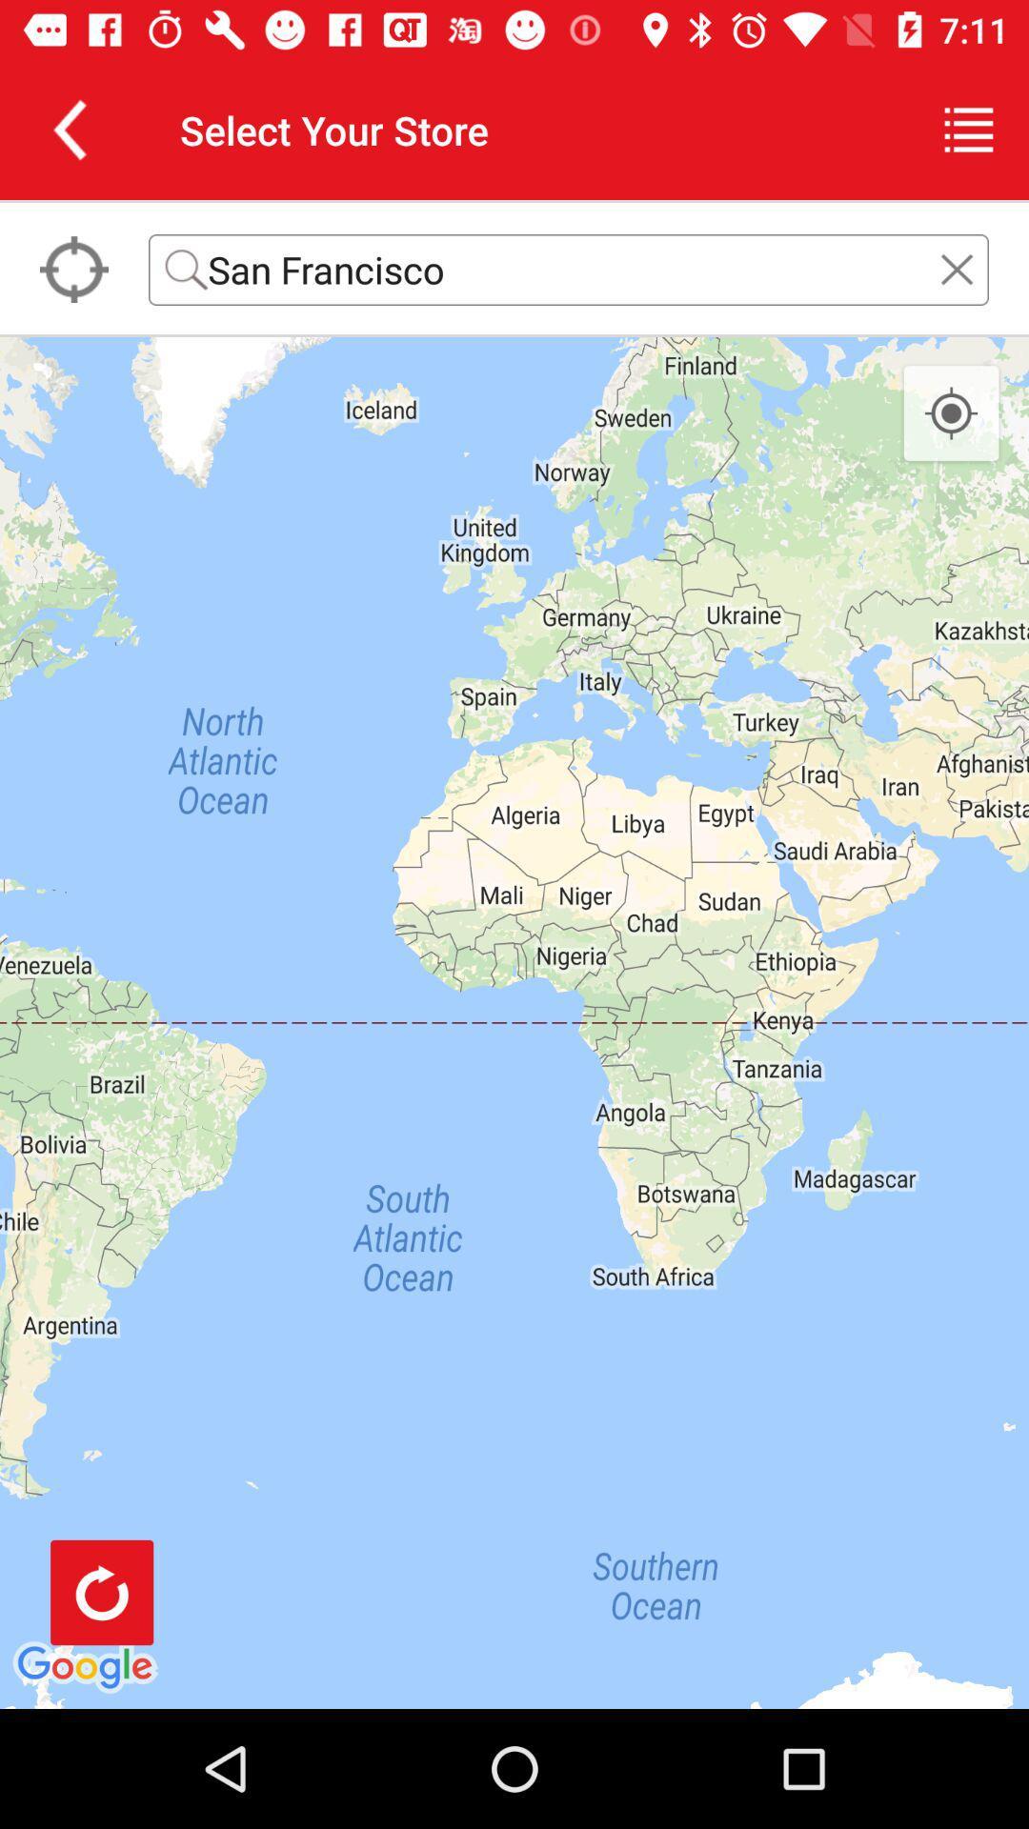 The height and width of the screenshot is (1829, 1029). What do you see at coordinates (568, 269) in the screenshot?
I see `the san francisco` at bounding box center [568, 269].